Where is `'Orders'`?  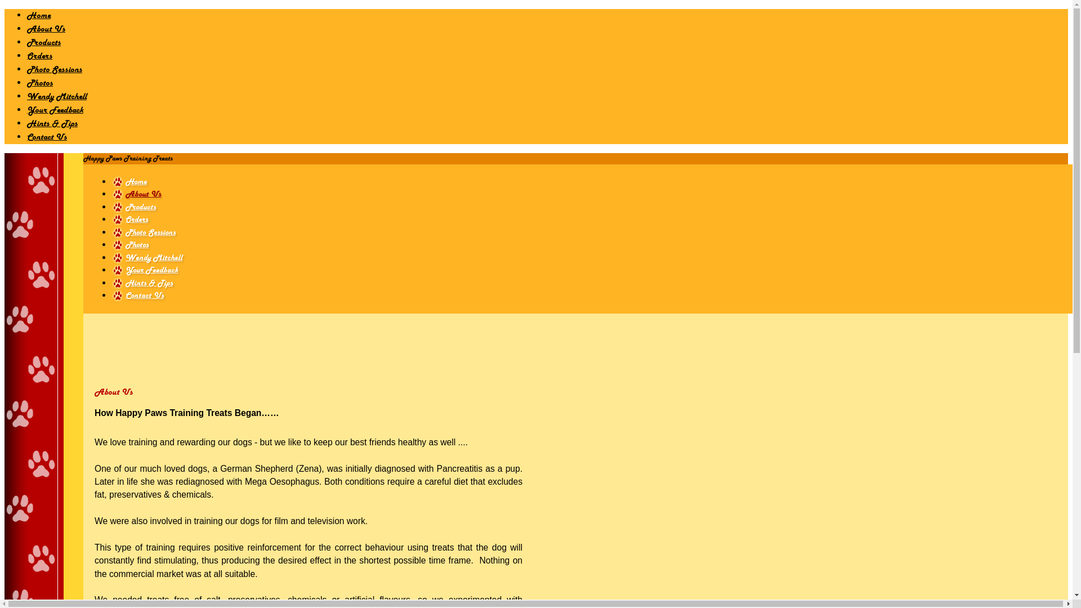
'Orders' is located at coordinates (39, 56).